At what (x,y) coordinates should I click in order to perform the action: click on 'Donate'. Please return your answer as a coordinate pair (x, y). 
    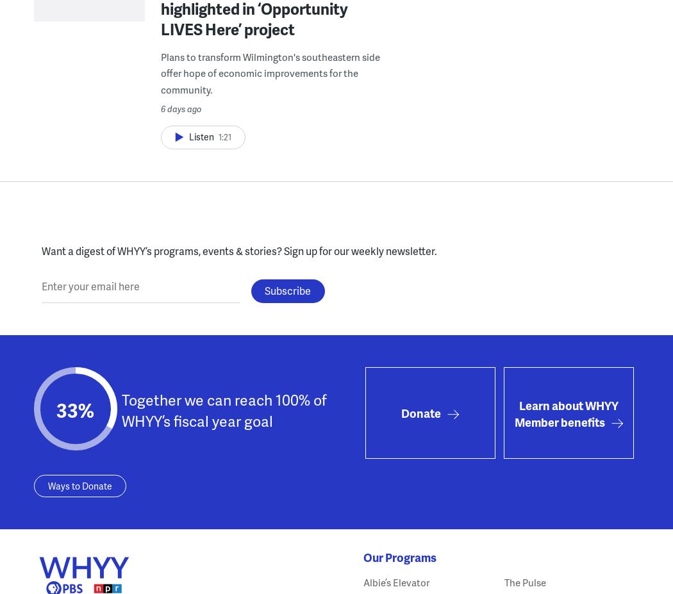
    Looking at the image, I should click on (401, 412).